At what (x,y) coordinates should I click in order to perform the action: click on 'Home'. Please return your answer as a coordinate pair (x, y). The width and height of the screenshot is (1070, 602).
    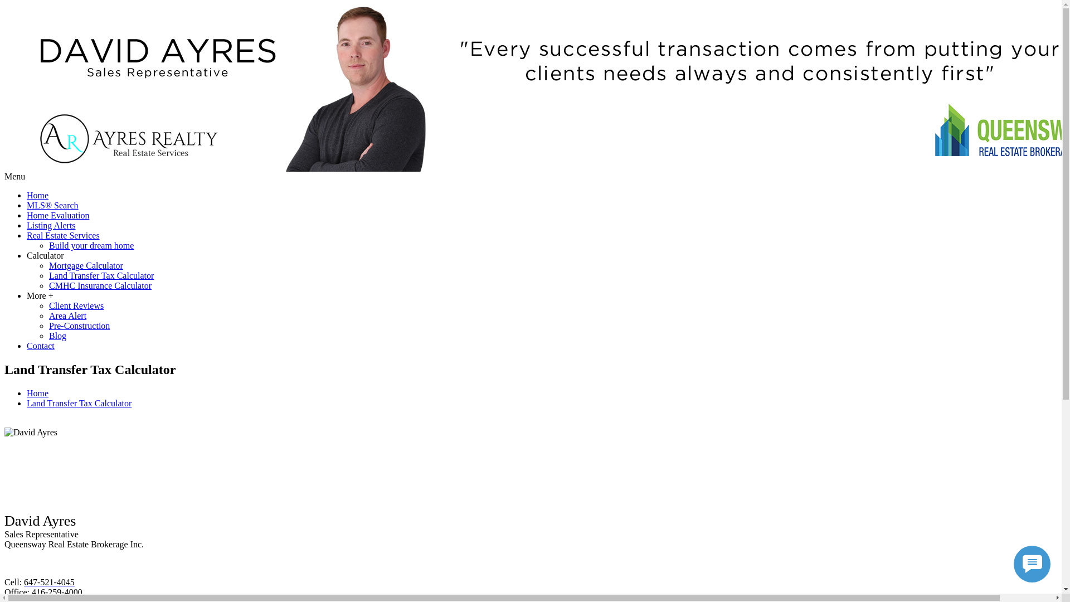
    Looking at the image, I should click on (37, 195).